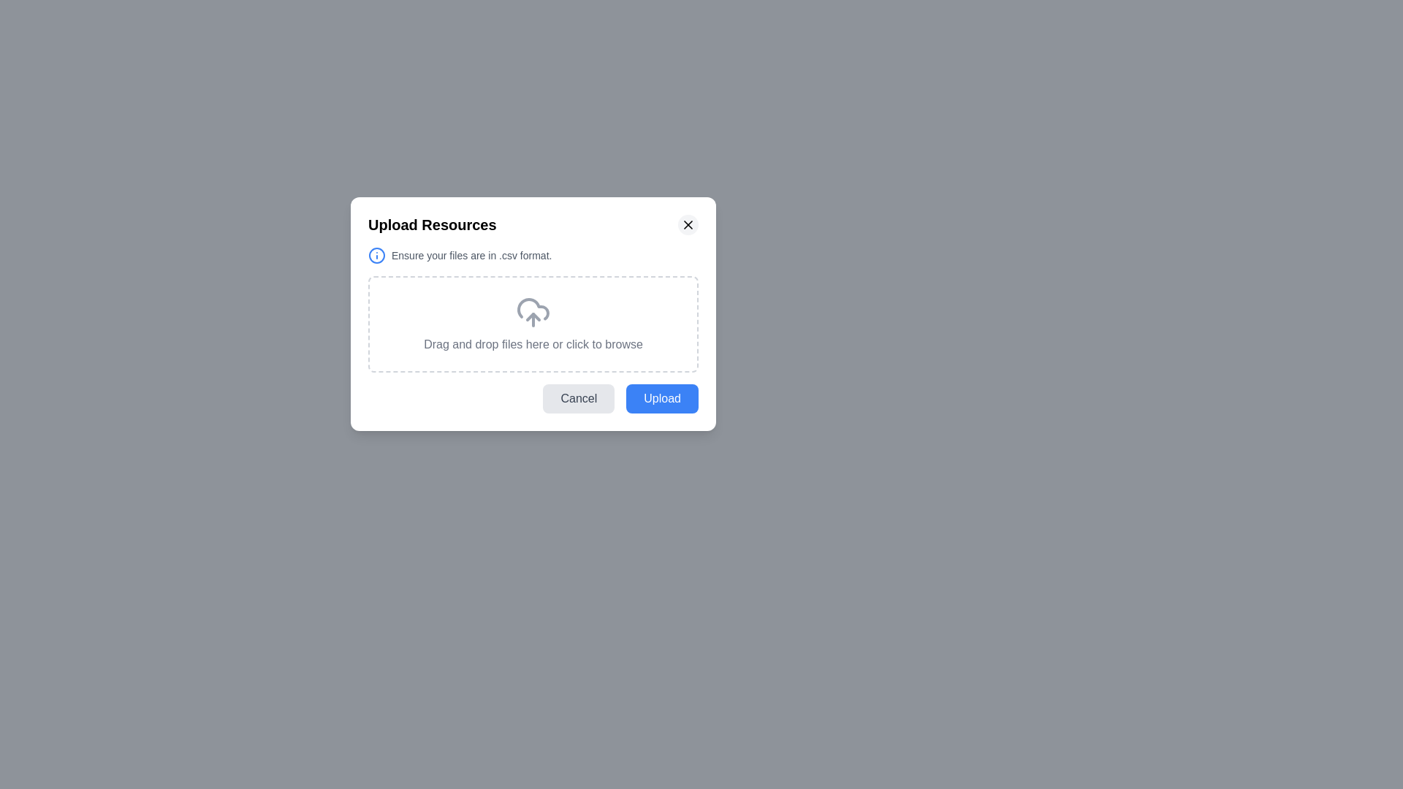 The image size is (1403, 789). I want to click on the informational block displaying the notice 'Ensure your files are in .csv format.' with the blue information icon to read the text, so click(532, 255).